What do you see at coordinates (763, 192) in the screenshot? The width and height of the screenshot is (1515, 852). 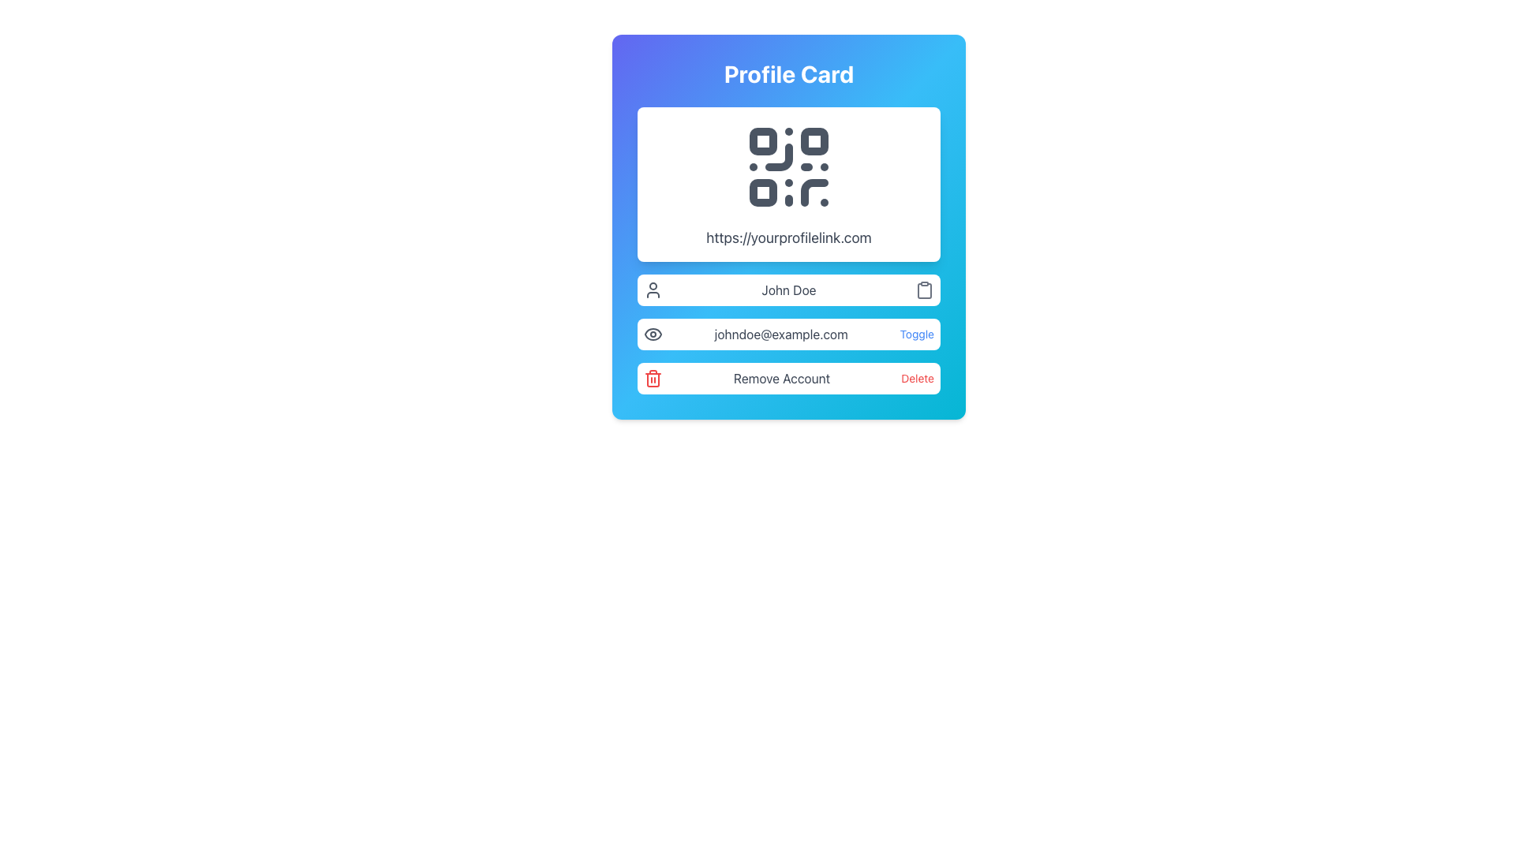 I see `the dark gray rounded rectangle, which is the third square from the top left in the QR code representation on the profile card` at bounding box center [763, 192].